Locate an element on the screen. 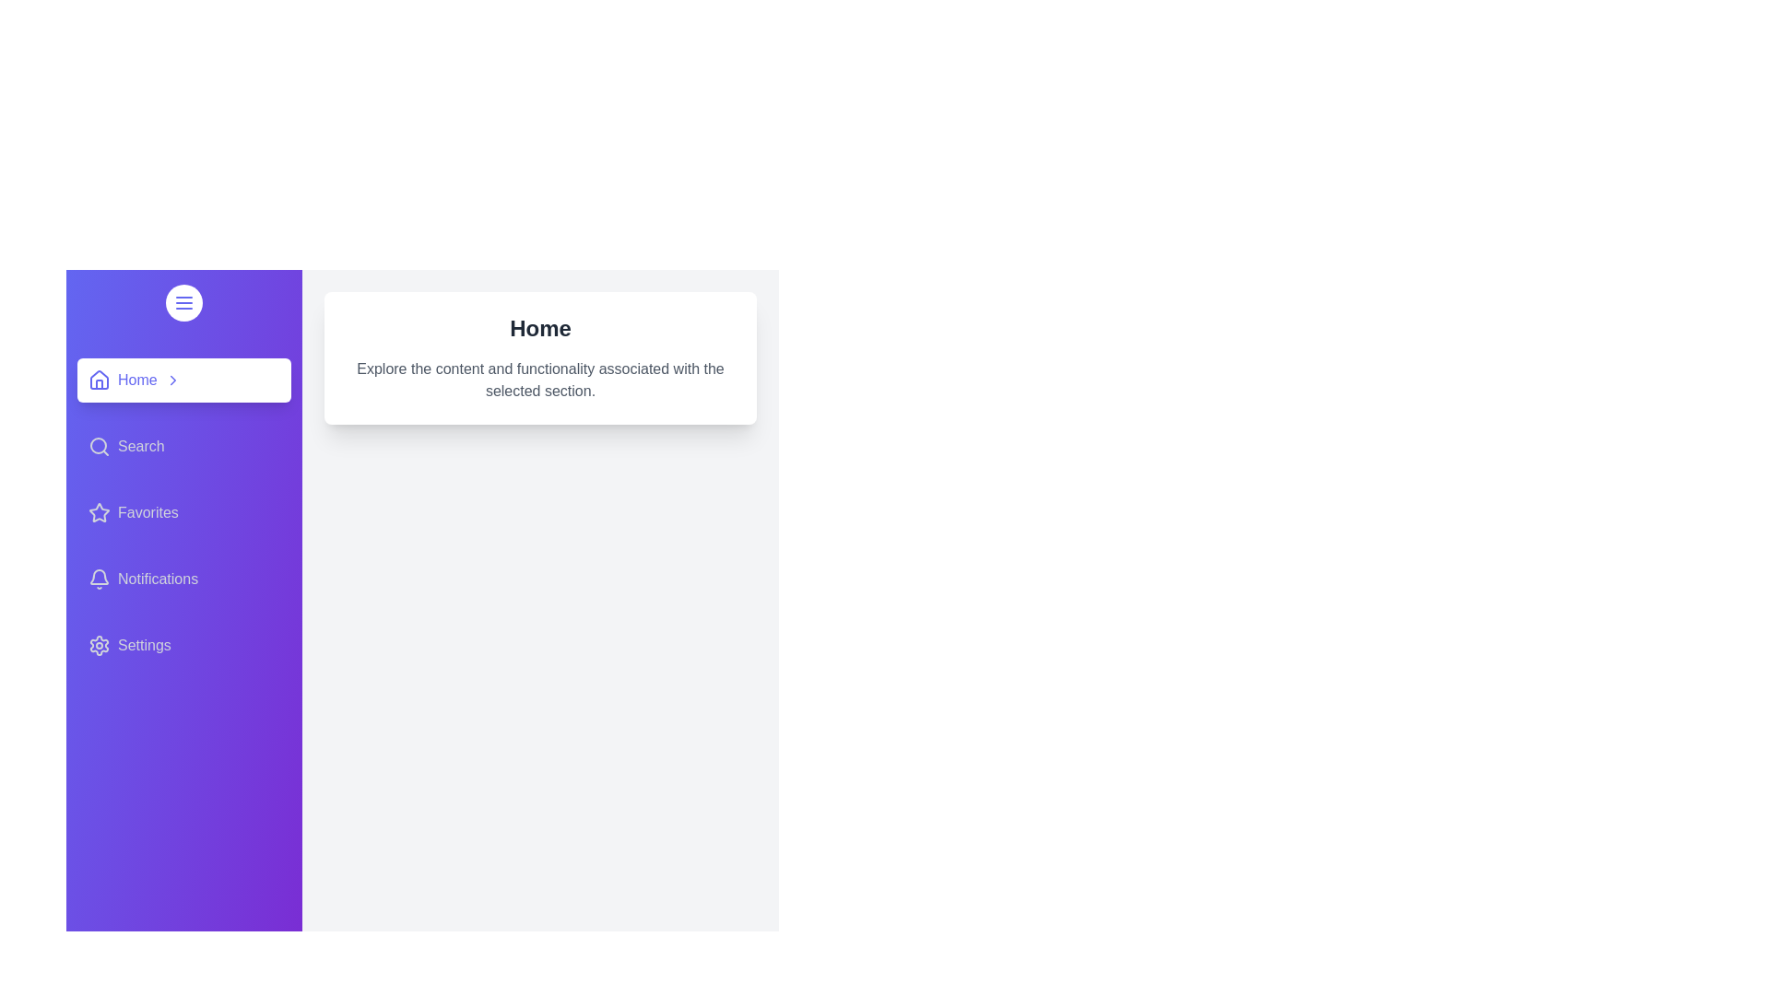 Image resolution: width=1770 pixels, height=995 pixels. the section labeled Home by clicking on its label in the sidebar is located at coordinates (184, 379).